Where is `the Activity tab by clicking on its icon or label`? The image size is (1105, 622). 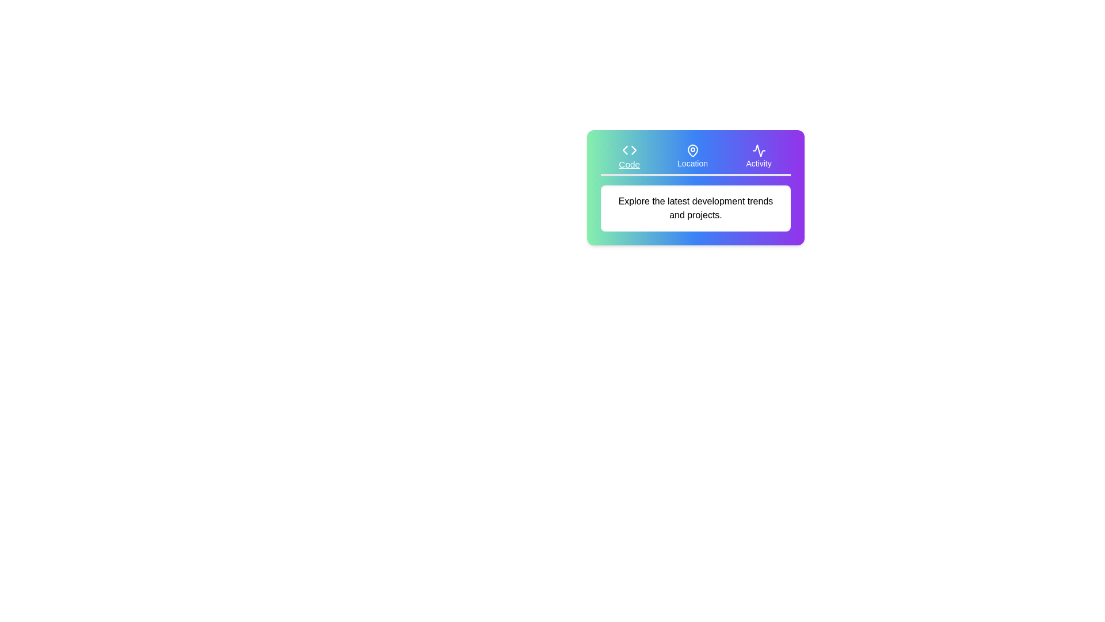 the Activity tab by clicking on its icon or label is located at coordinates (759, 157).